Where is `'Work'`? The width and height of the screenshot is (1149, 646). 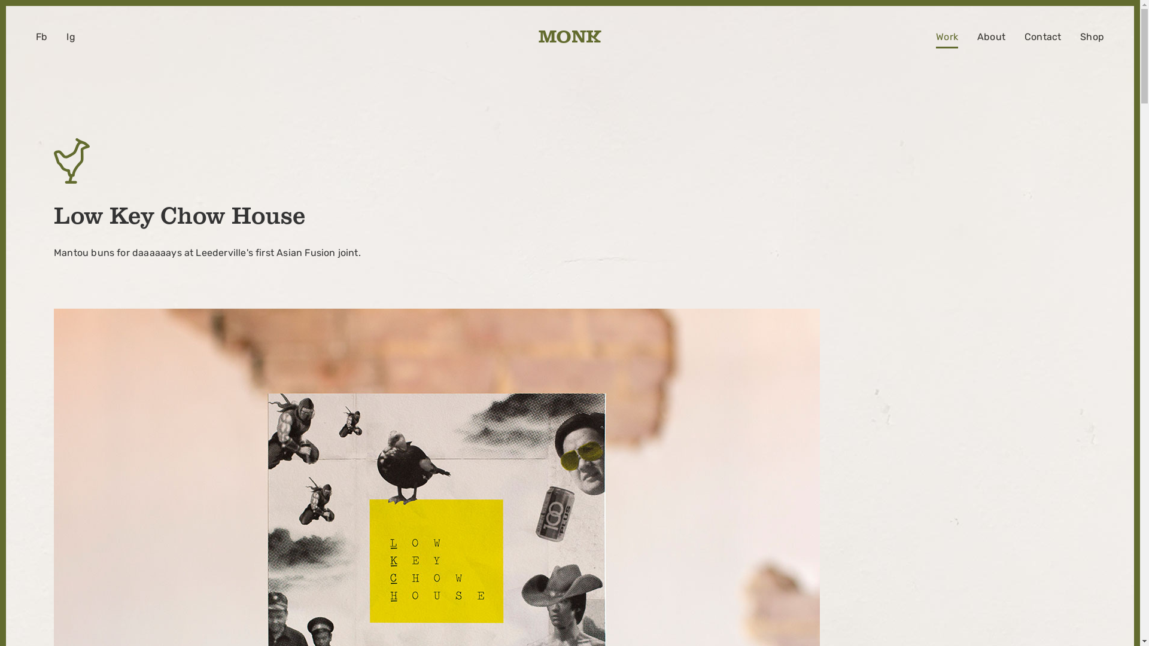
'Work' is located at coordinates (935, 38).